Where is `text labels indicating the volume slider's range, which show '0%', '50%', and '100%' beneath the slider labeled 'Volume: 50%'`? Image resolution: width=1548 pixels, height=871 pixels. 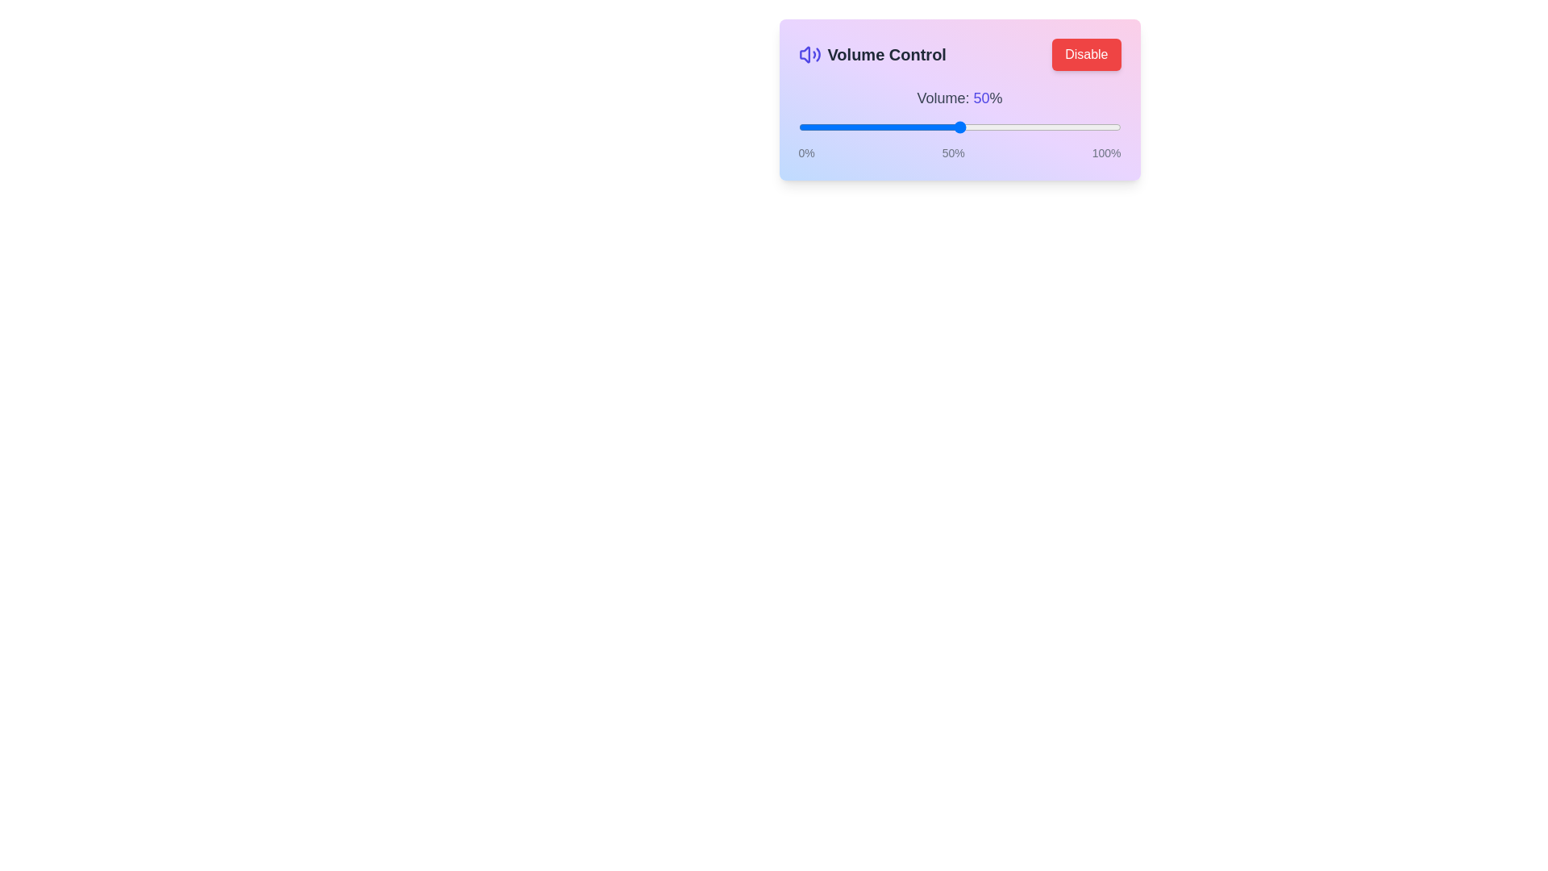 text labels indicating the volume slider's range, which show '0%', '50%', and '100%' beneath the slider labeled 'Volume: 50%' is located at coordinates (959, 152).